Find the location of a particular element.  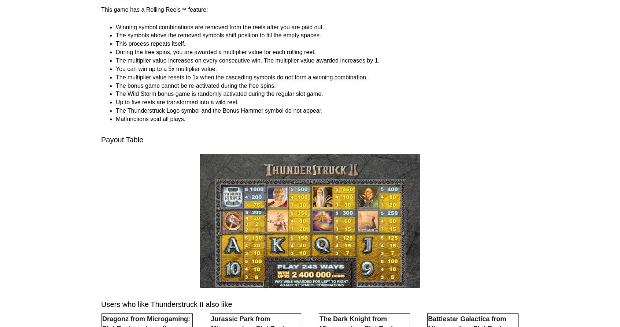

'This game is unlocked when you have activated the Great Hall of Spins bonus game fifteen times.' is located at coordinates (243, 78).